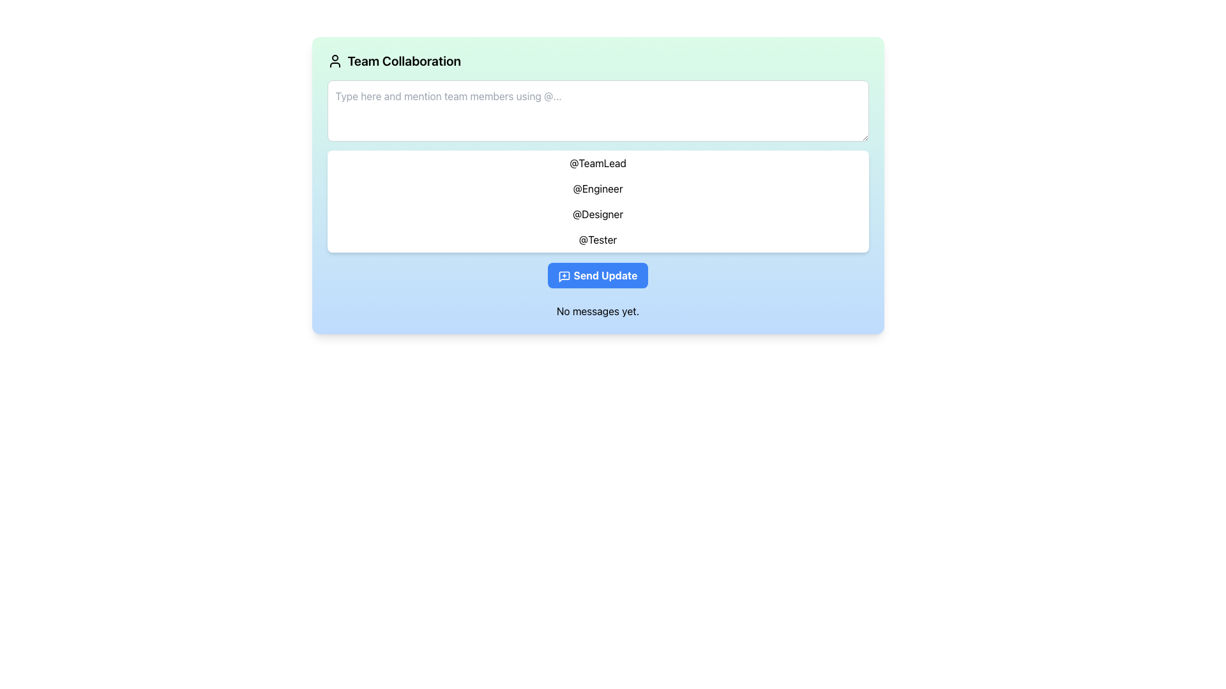  I want to click on the button with a blue background and white text labeled 'Send Update', which is positioned below the list of usernames and above the text 'No messages yet', so click(597, 275).